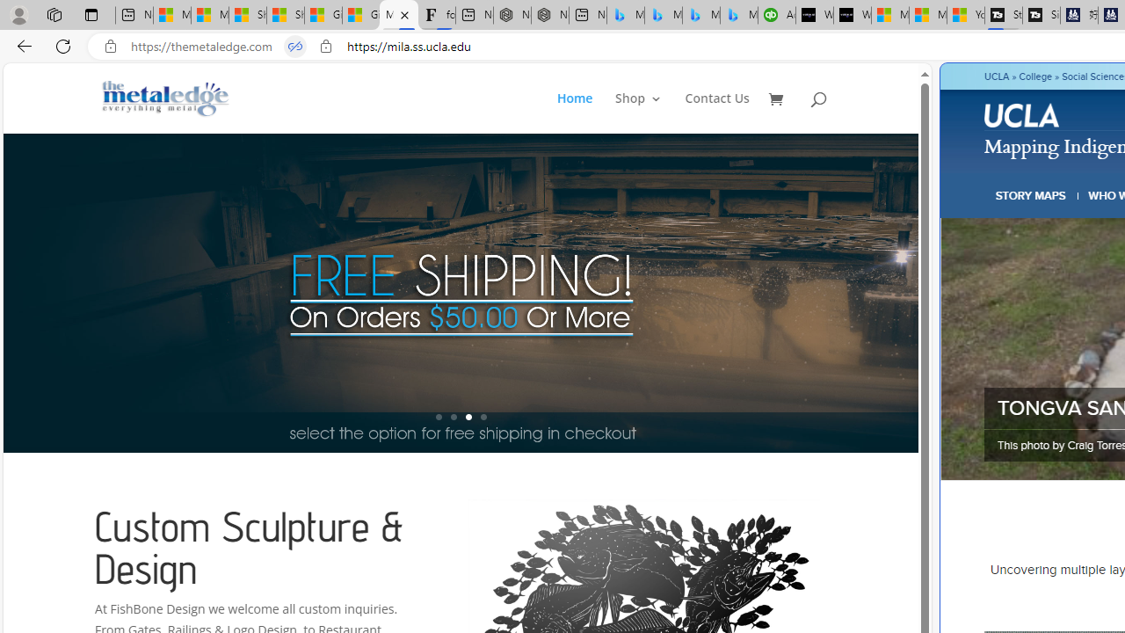 This screenshot has width=1125, height=633. Describe the element at coordinates (927, 15) in the screenshot. I see `'Microsoft Start'` at that location.